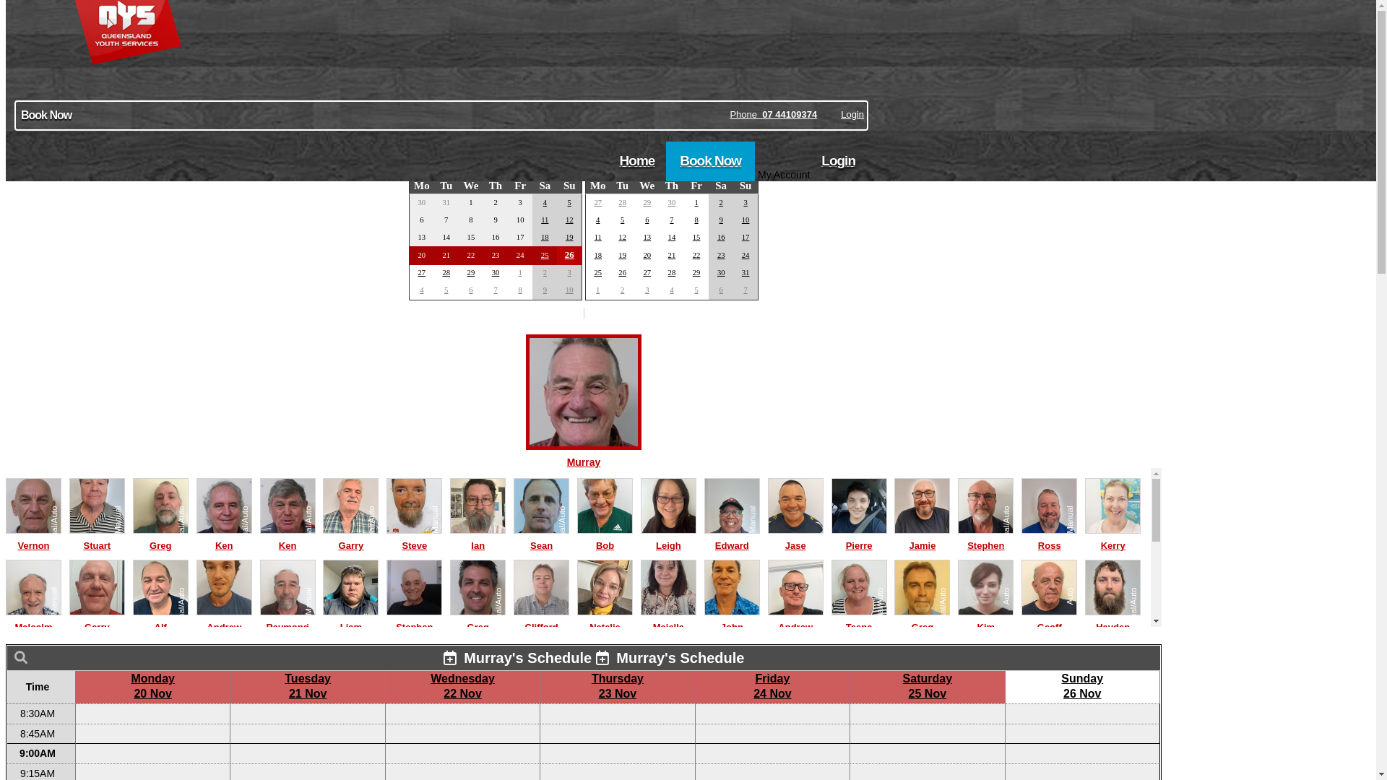  I want to click on 'Bob', so click(576, 538).